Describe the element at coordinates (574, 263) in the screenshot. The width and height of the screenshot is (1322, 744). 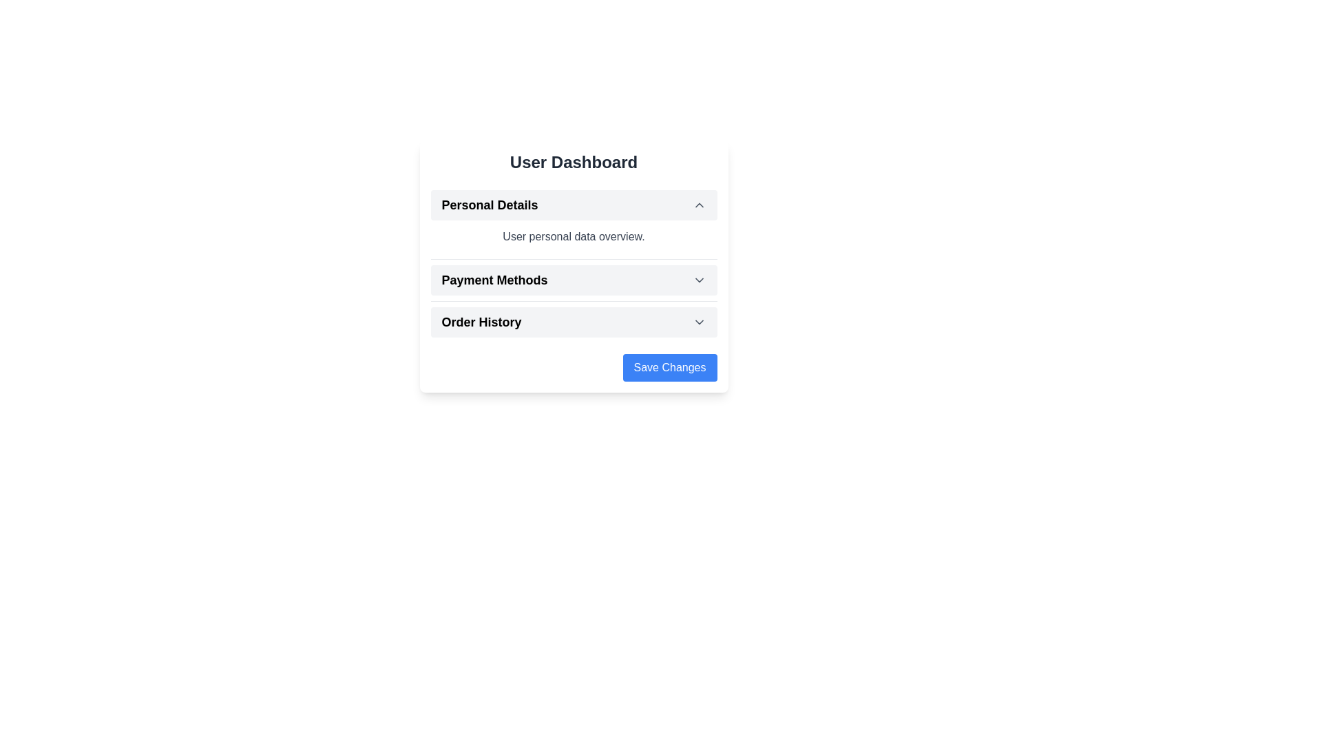
I see `the Collapsible Section List` at that location.